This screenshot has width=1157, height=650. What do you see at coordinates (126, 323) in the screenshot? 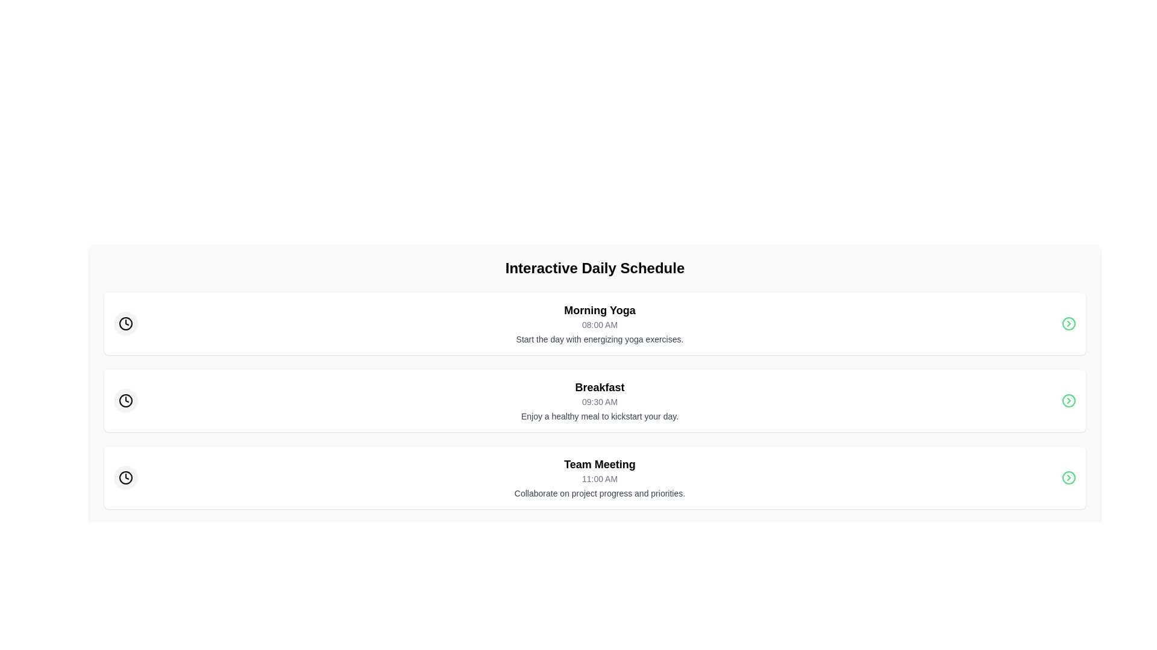
I see `the icon representing the timing or schedule for the 'Morning Yoga' activity, located at the top-left corner of the corresponding entry in the interactive daily schedule card` at bounding box center [126, 323].